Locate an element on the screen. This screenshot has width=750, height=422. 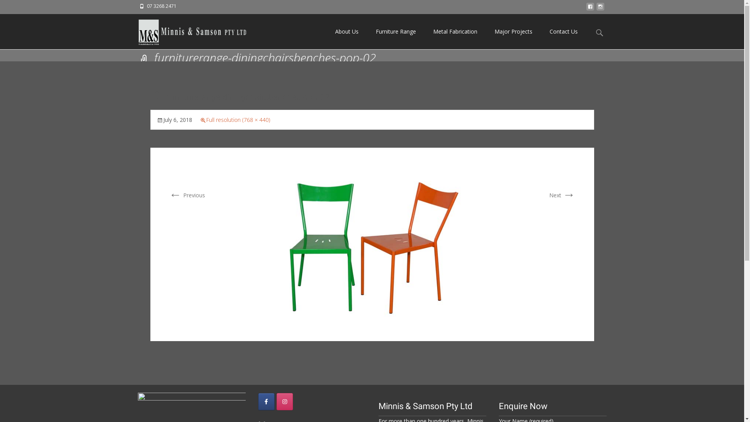
'Search for:' is located at coordinates (599, 32).